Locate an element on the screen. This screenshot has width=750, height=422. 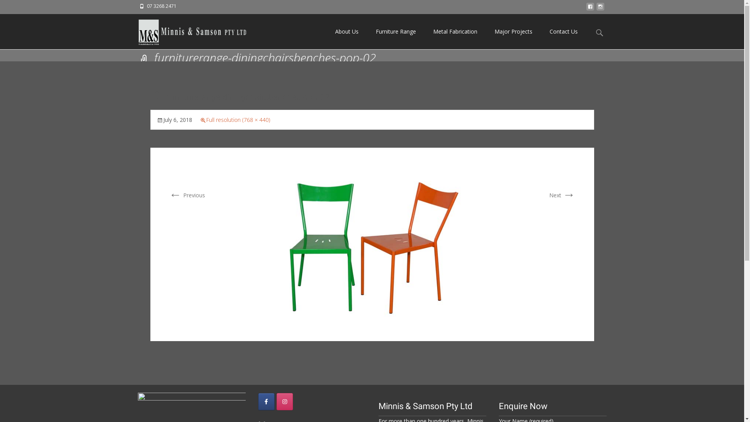
'Search for:' is located at coordinates (599, 32).